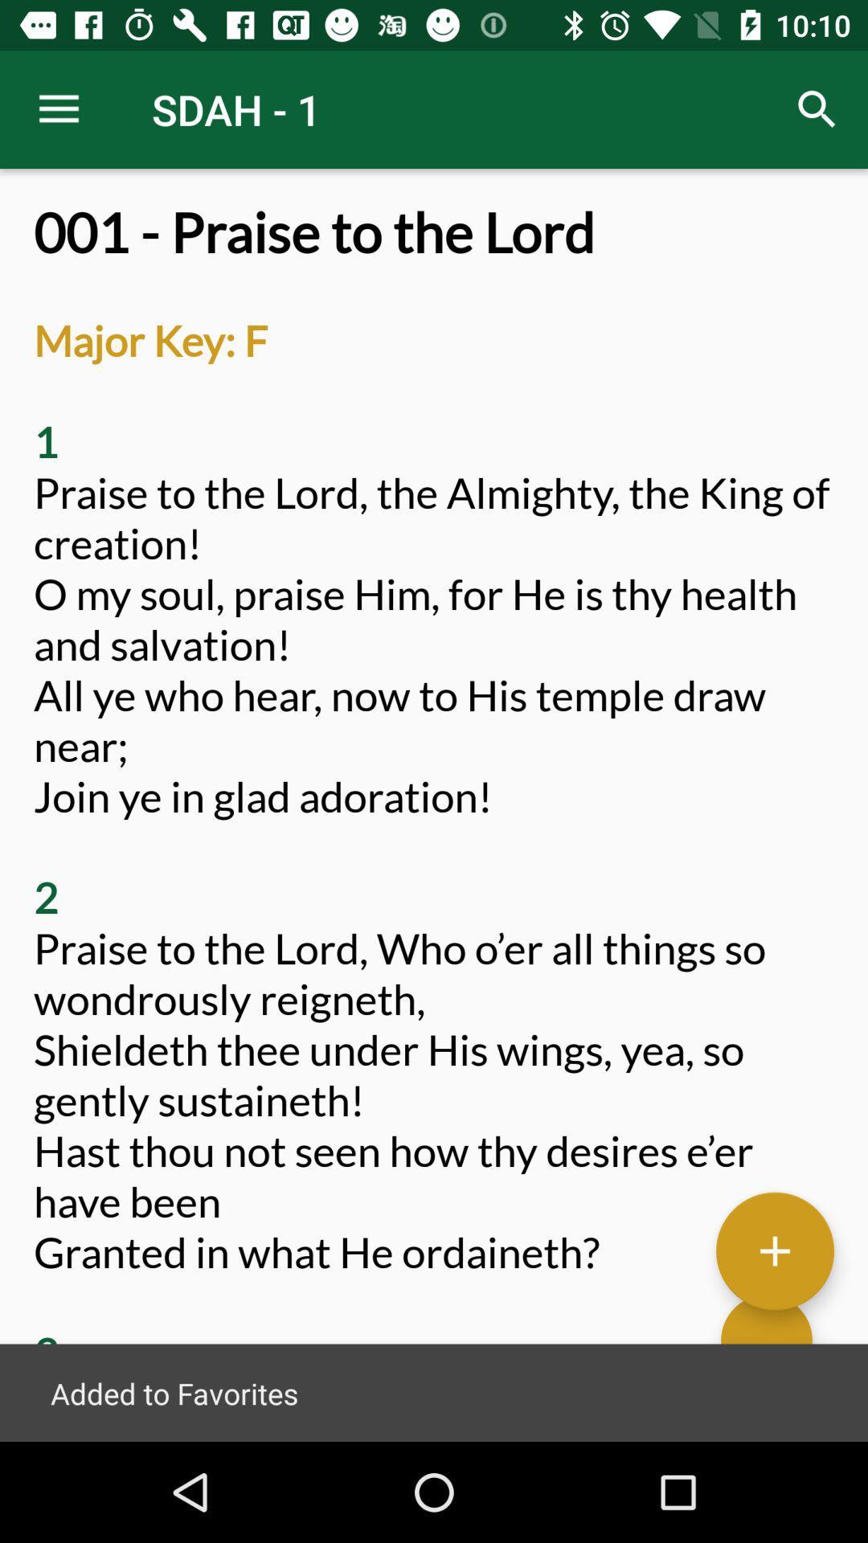 Image resolution: width=868 pixels, height=1543 pixels. What do you see at coordinates (774, 1249) in the screenshot?
I see `a note` at bounding box center [774, 1249].